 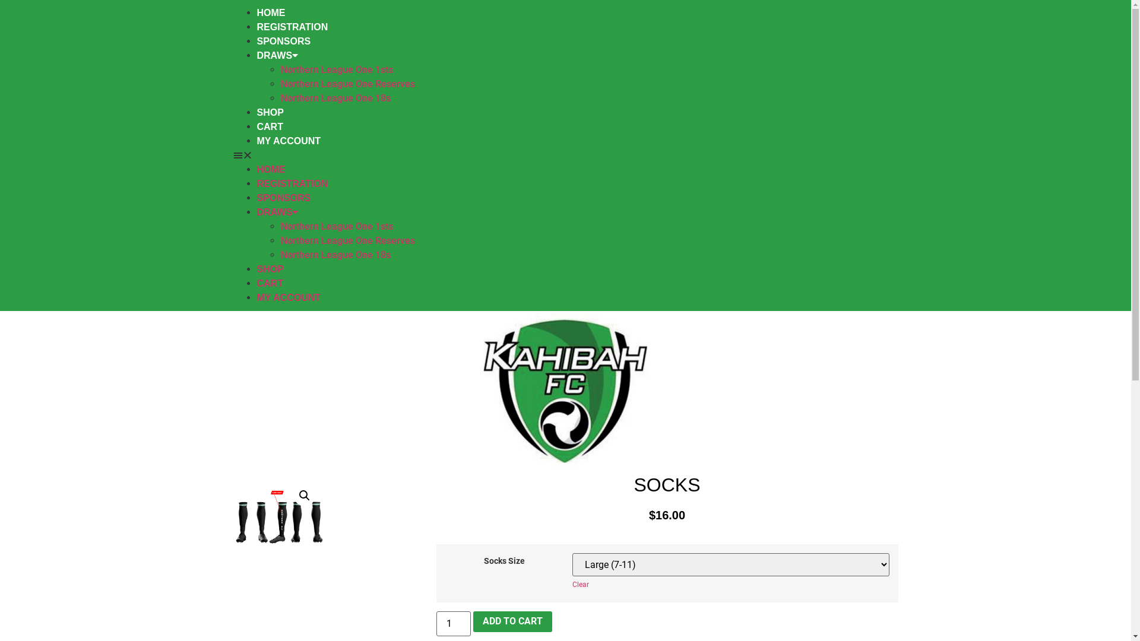 I want to click on 'SPONSORS', so click(x=283, y=197).